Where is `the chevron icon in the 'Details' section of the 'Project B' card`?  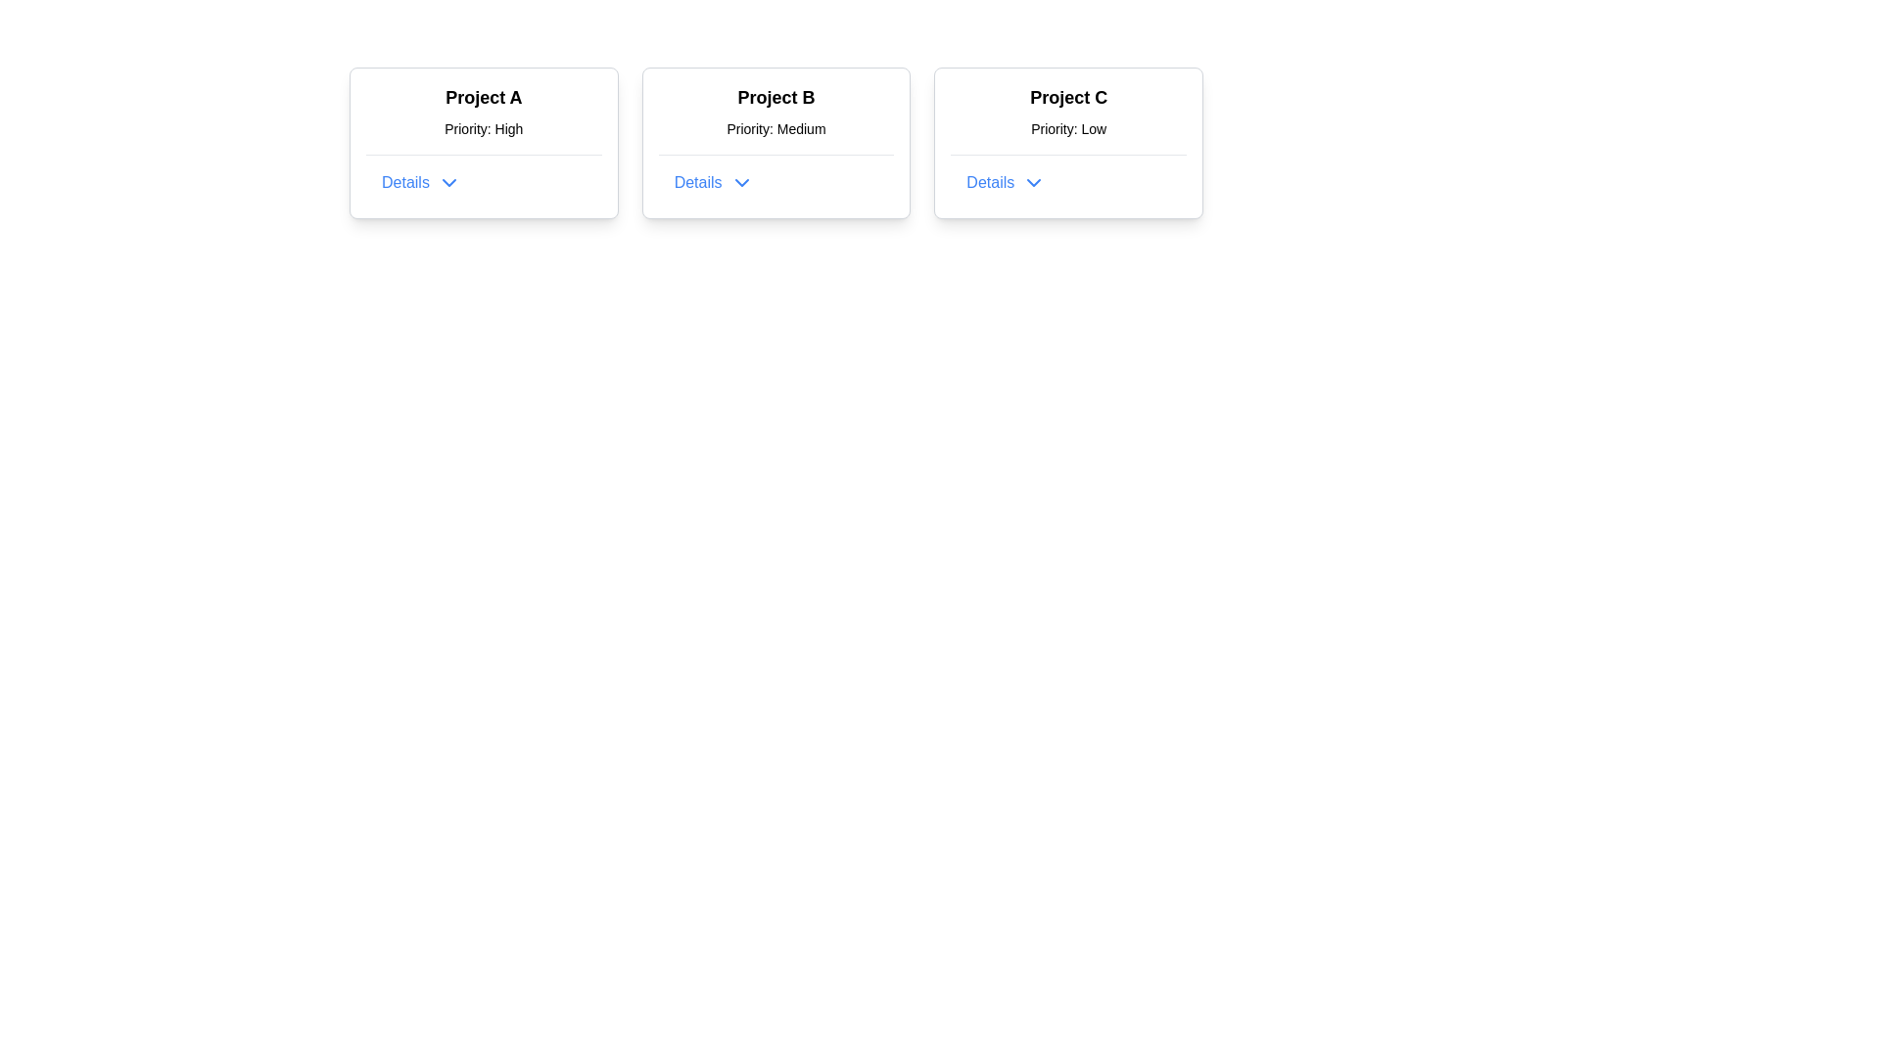
the chevron icon in the 'Details' section of the 'Project B' card is located at coordinates (740, 182).